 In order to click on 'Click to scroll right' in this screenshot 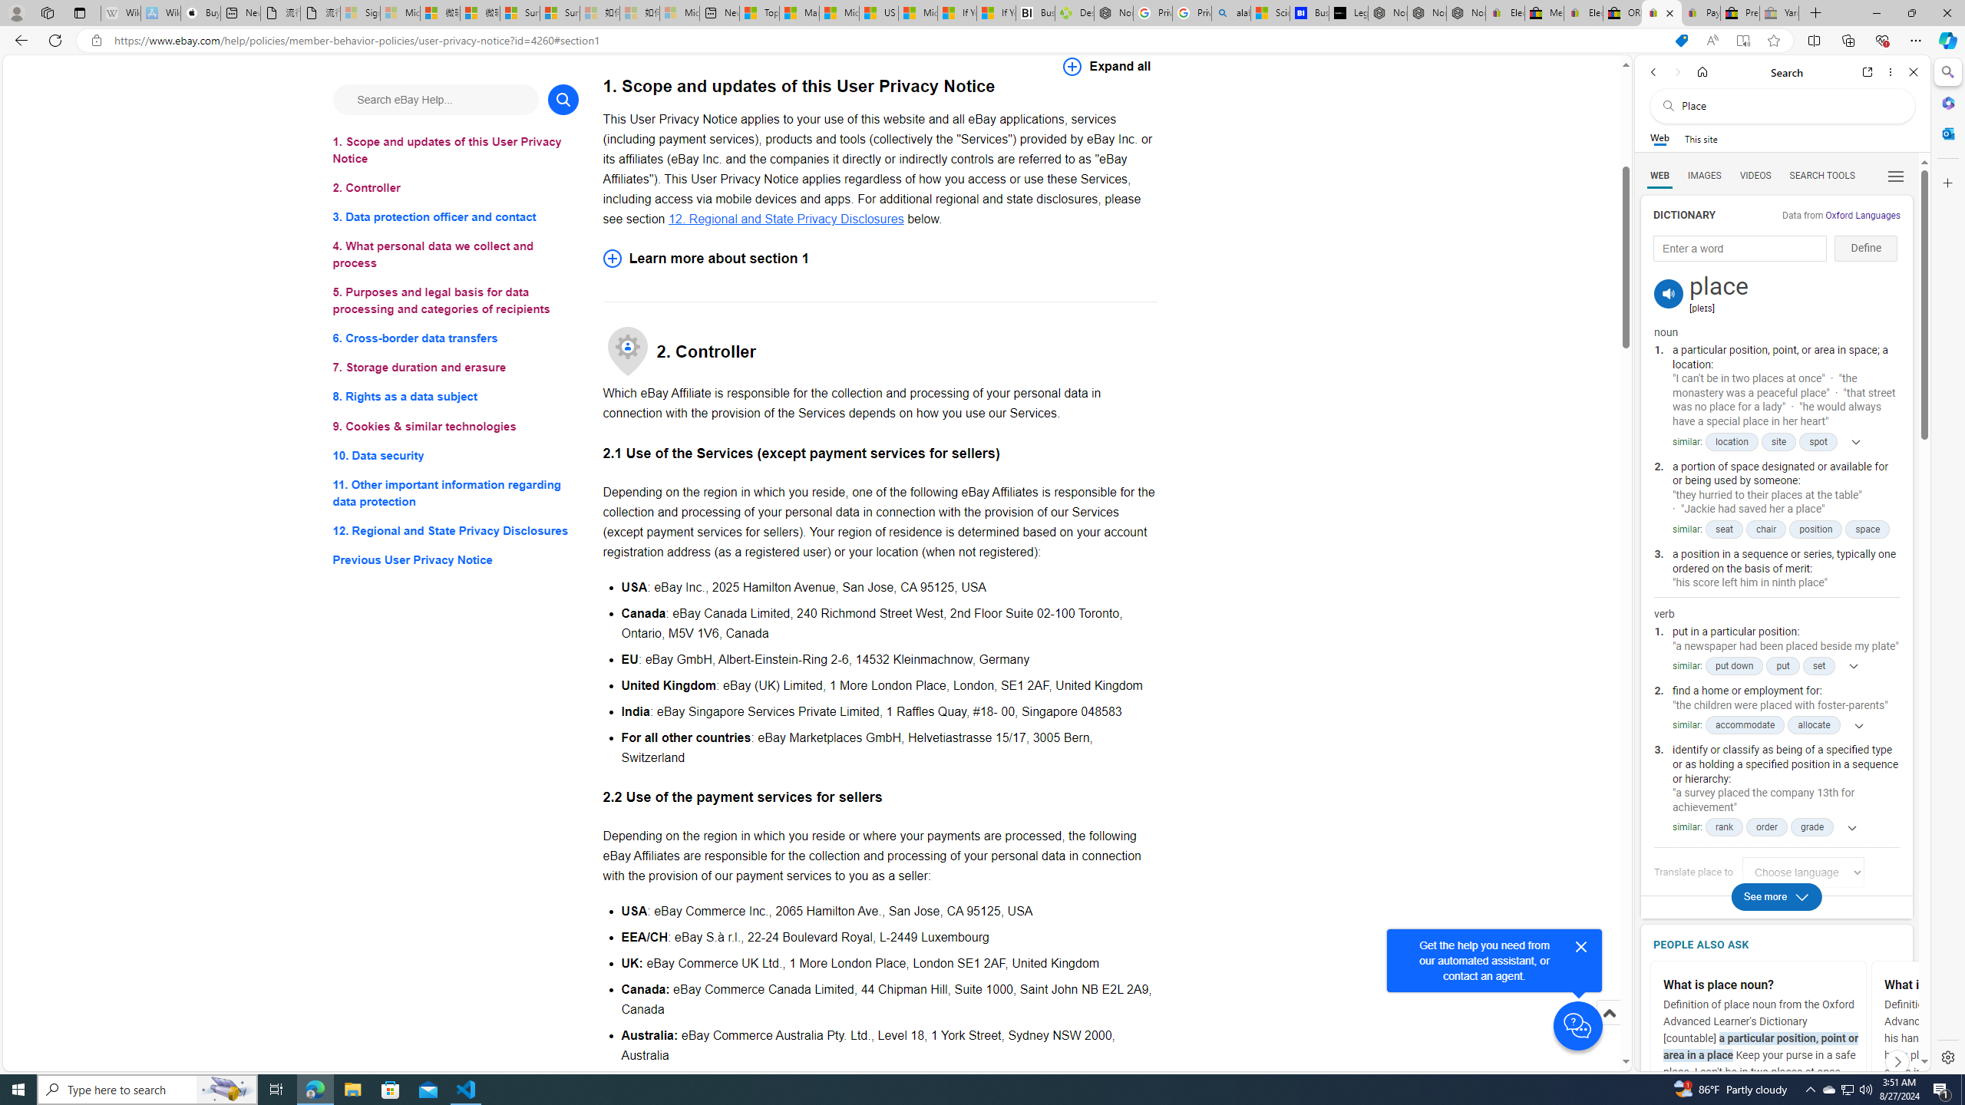, I will do `click(1896, 1060)`.